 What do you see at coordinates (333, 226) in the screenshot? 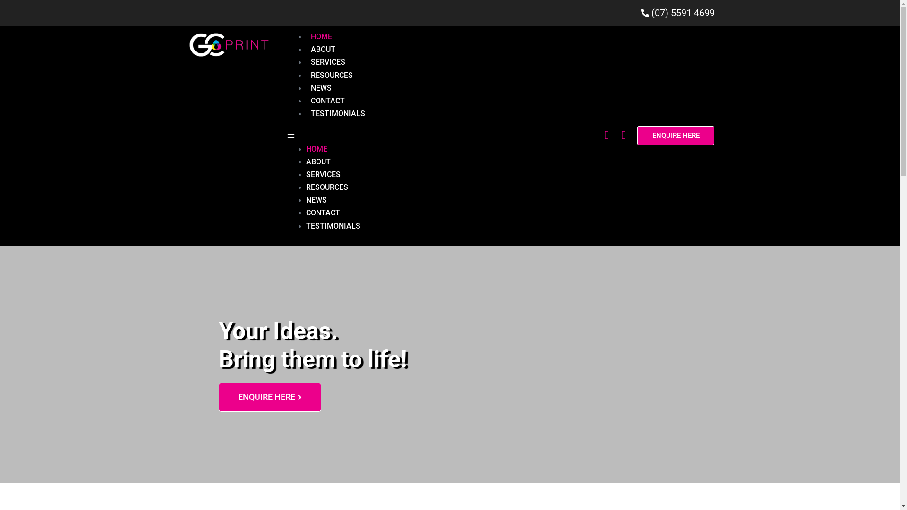
I see `'TESTIMONIALS'` at bounding box center [333, 226].